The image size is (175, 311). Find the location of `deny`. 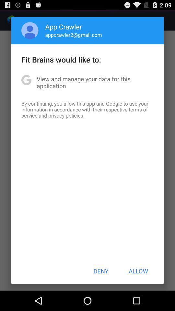

deny is located at coordinates (101, 271).